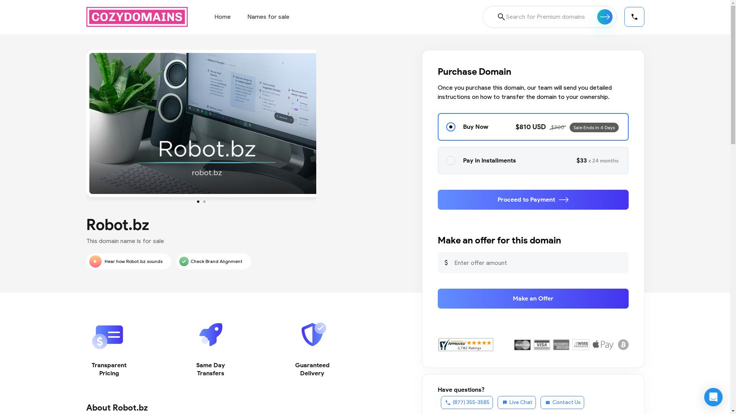 This screenshot has width=736, height=414. I want to click on 'Proceed to Payment', so click(533, 199).